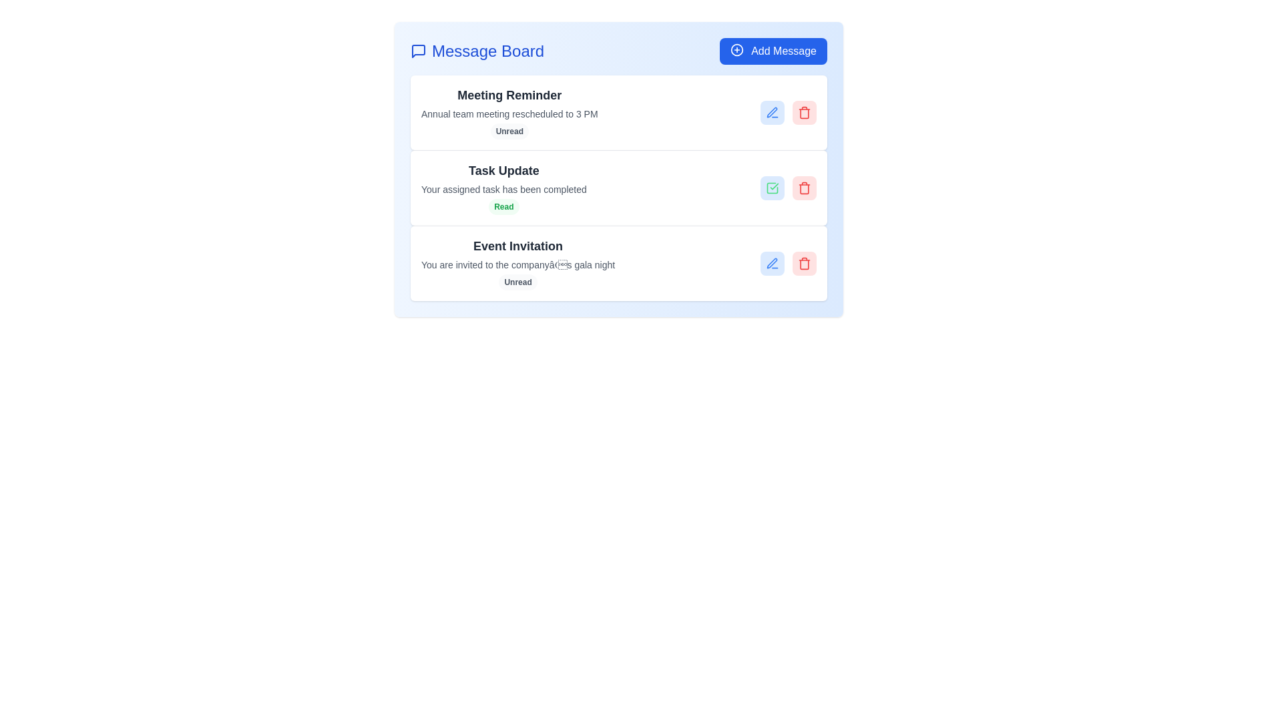  I want to click on information displayed in the unread notification text block located at the top of the 'Message Board' section, which contains details of a meeting reschedule, so click(509, 112).